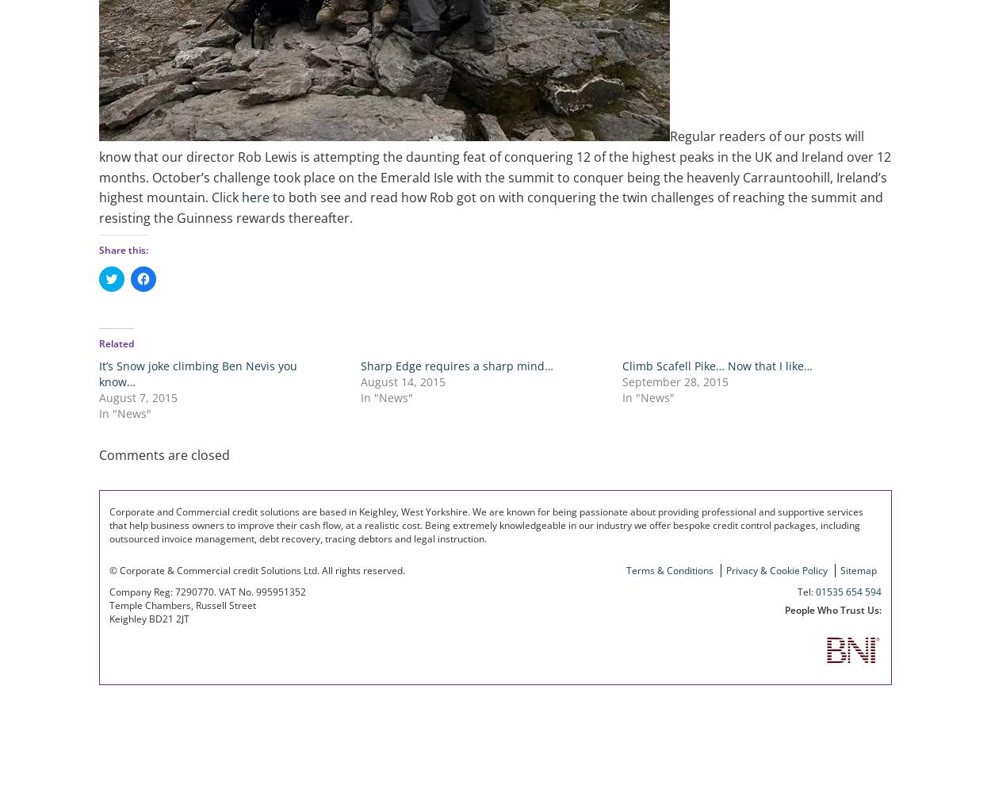 The image size is (991, 793). Describe the element at coordinates (494, 166) in the screenshot. I see `'Regular readers of our posts will know that our director Rob Lewis is attempting the daunting feat of conquering 12 of the highest peaks in the UK and Ireland over 12 months. October’s challenge took place on the Emerald Isle with the summit to conquer being the heavenly Carrauntoohill, Ireland’s highest mountain. Click'` at that location.